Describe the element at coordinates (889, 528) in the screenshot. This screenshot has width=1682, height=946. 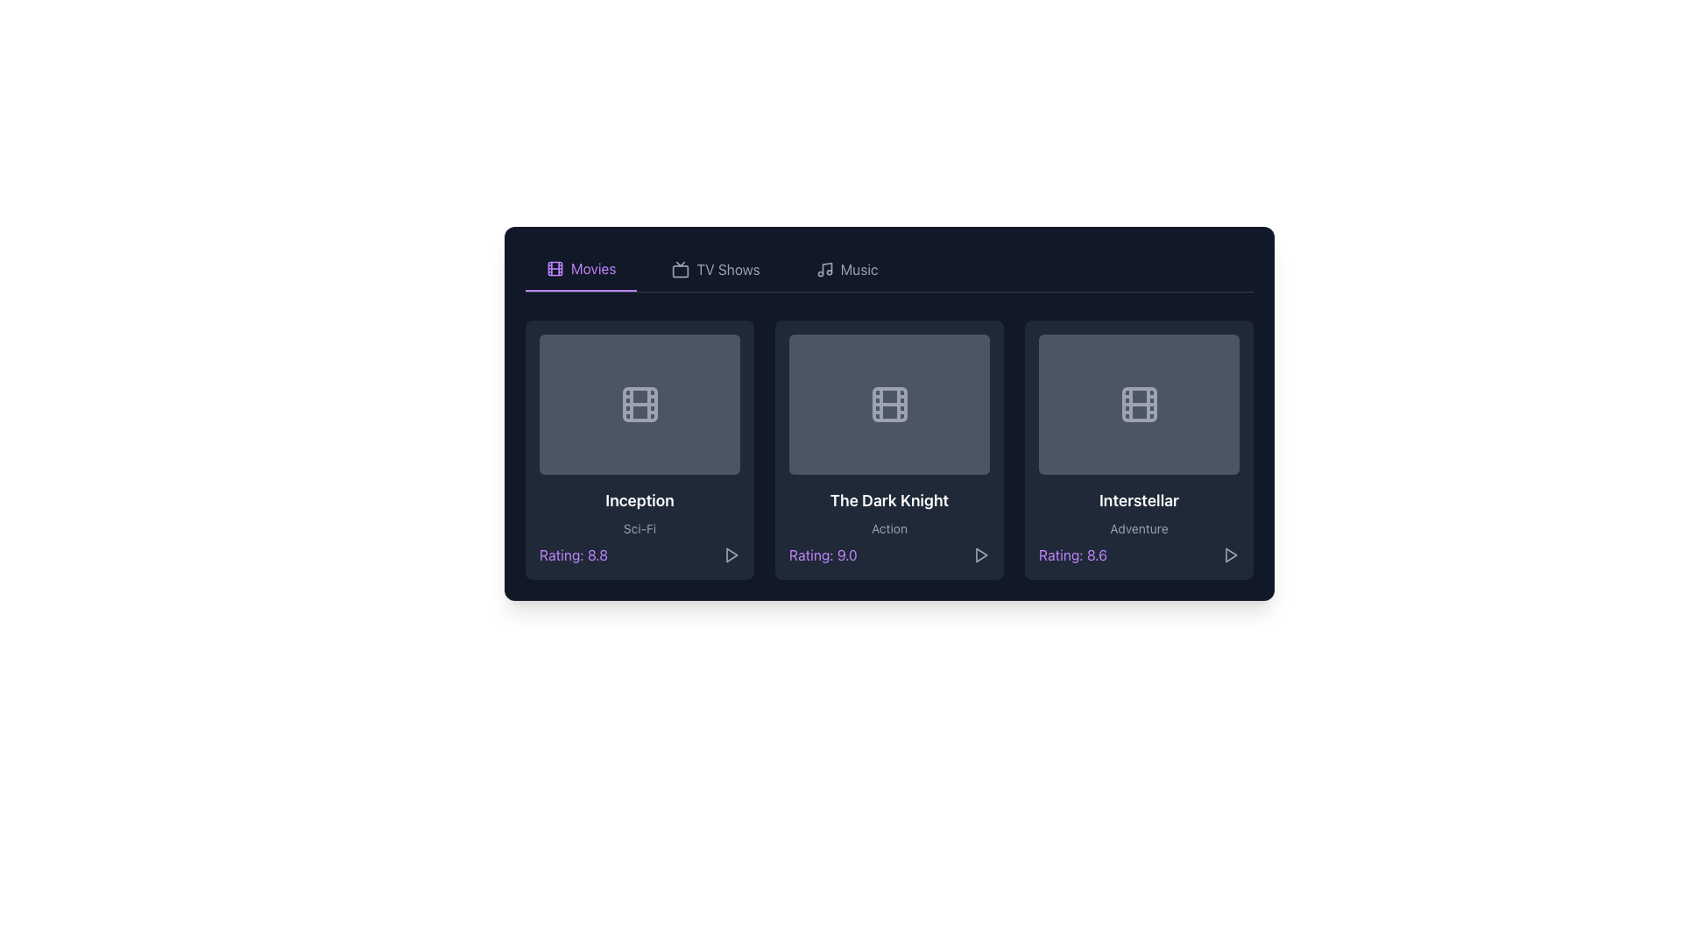
I see `the text label displaying 'Action' in a small gray font, positioned beneath the title 'The Dark Knight' and above the purple-colored rating detail` at that location.